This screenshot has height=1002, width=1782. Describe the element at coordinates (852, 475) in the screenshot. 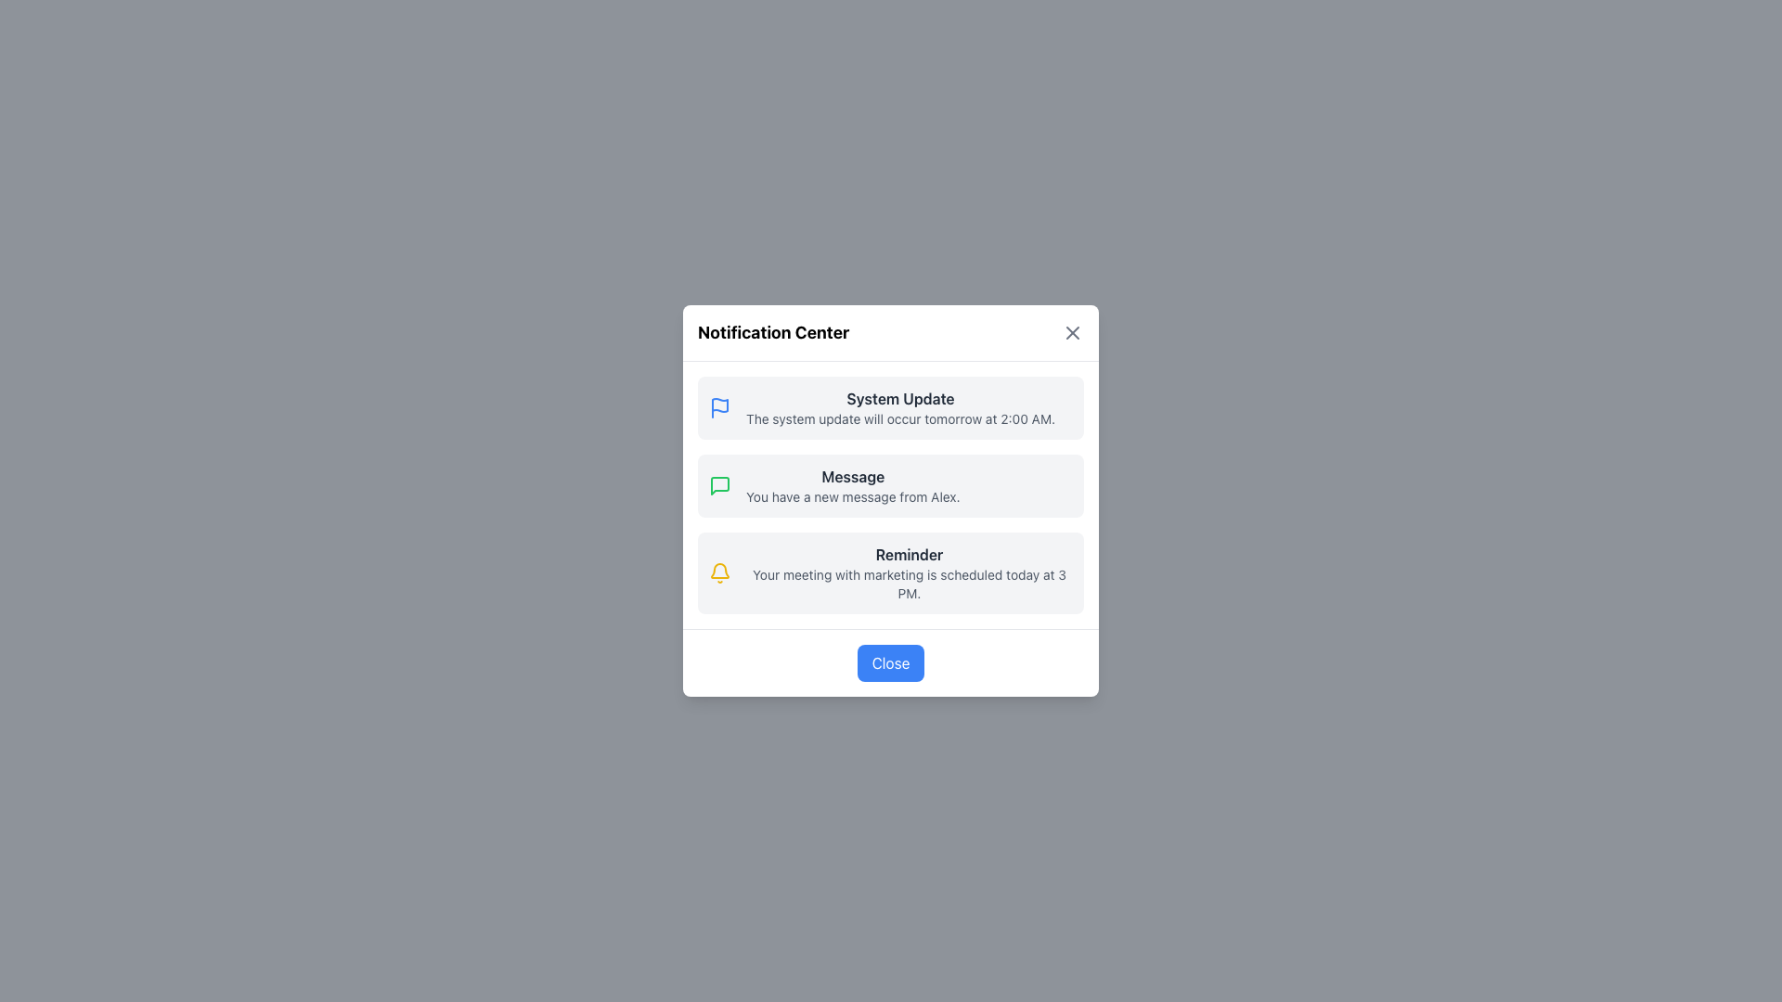

I see `the static text label that serves as a header for the notification indicating the type of message, located beneath the 'System Update' notification` at that location.